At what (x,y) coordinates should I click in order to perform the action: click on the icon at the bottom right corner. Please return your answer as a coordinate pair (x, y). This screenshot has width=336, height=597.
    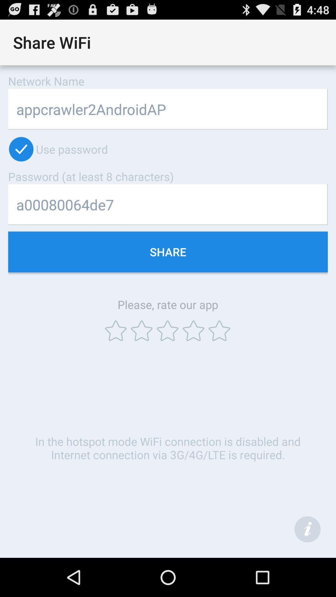
    Looking at the image, I should click on (307, 529).